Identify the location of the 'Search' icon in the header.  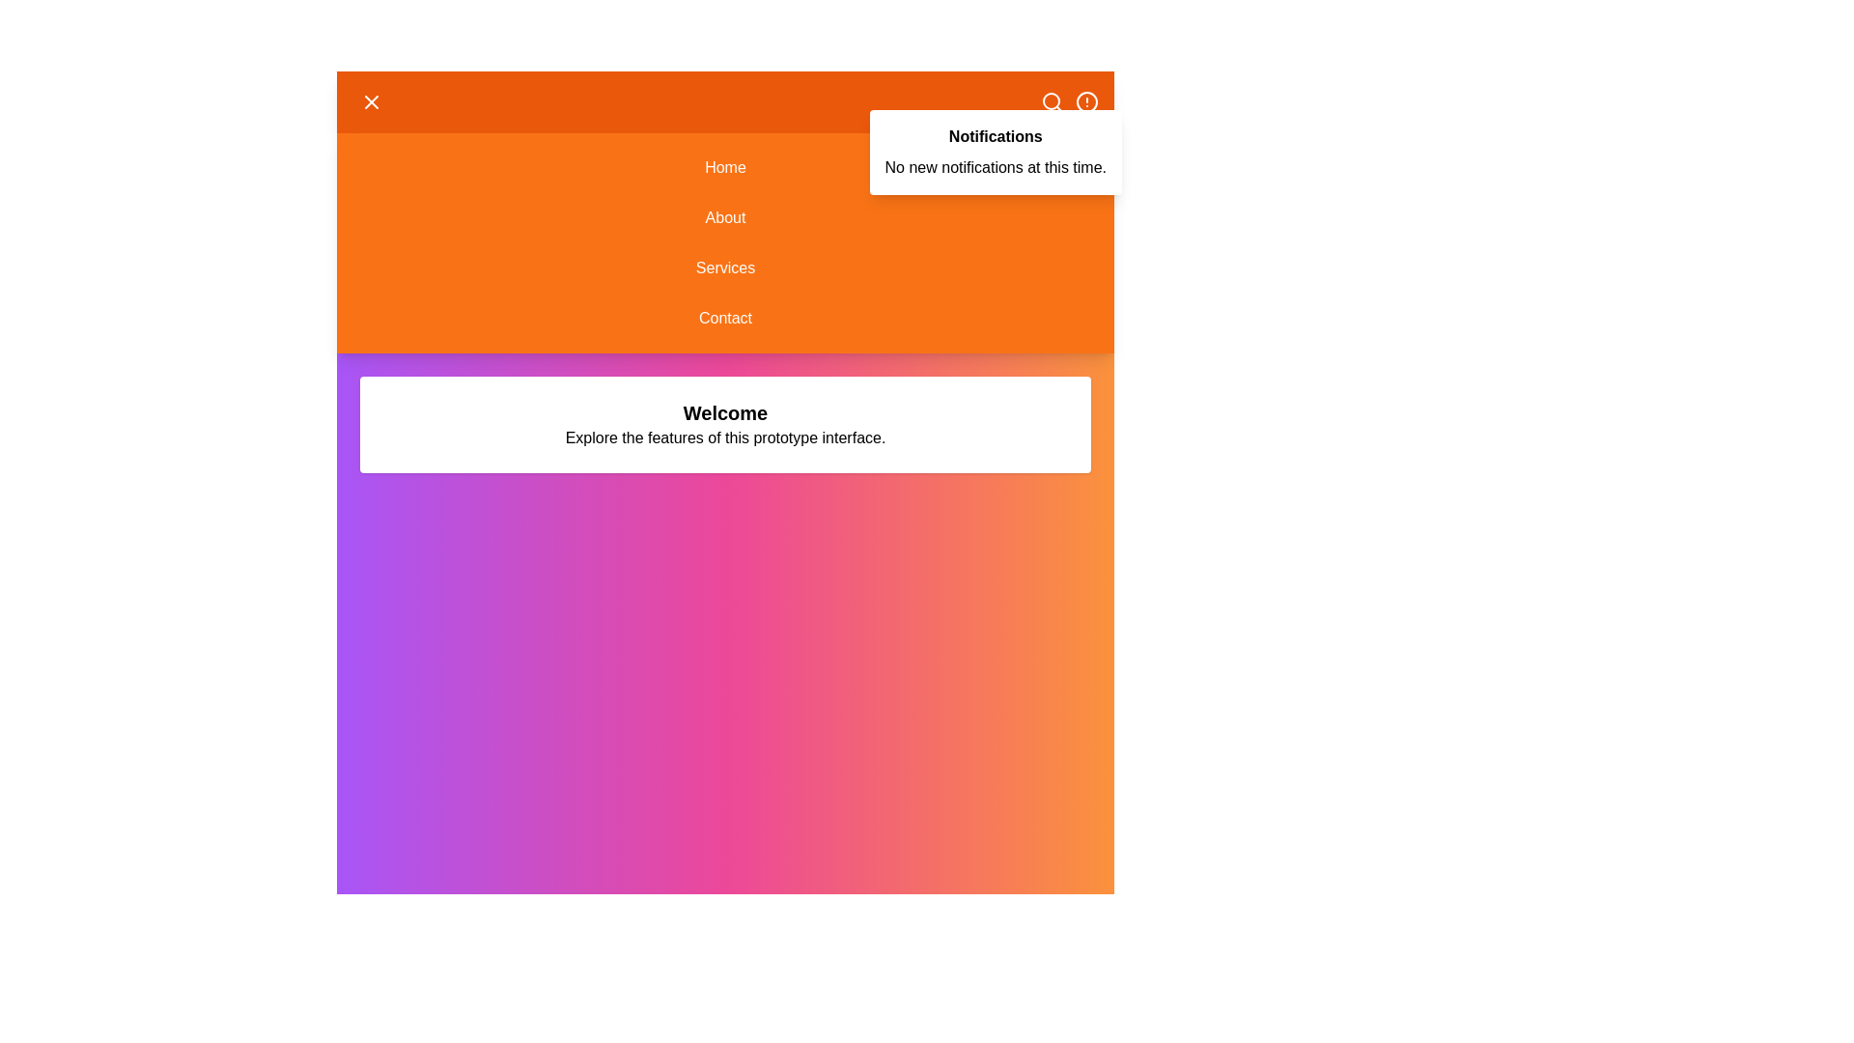
(1051, 101).